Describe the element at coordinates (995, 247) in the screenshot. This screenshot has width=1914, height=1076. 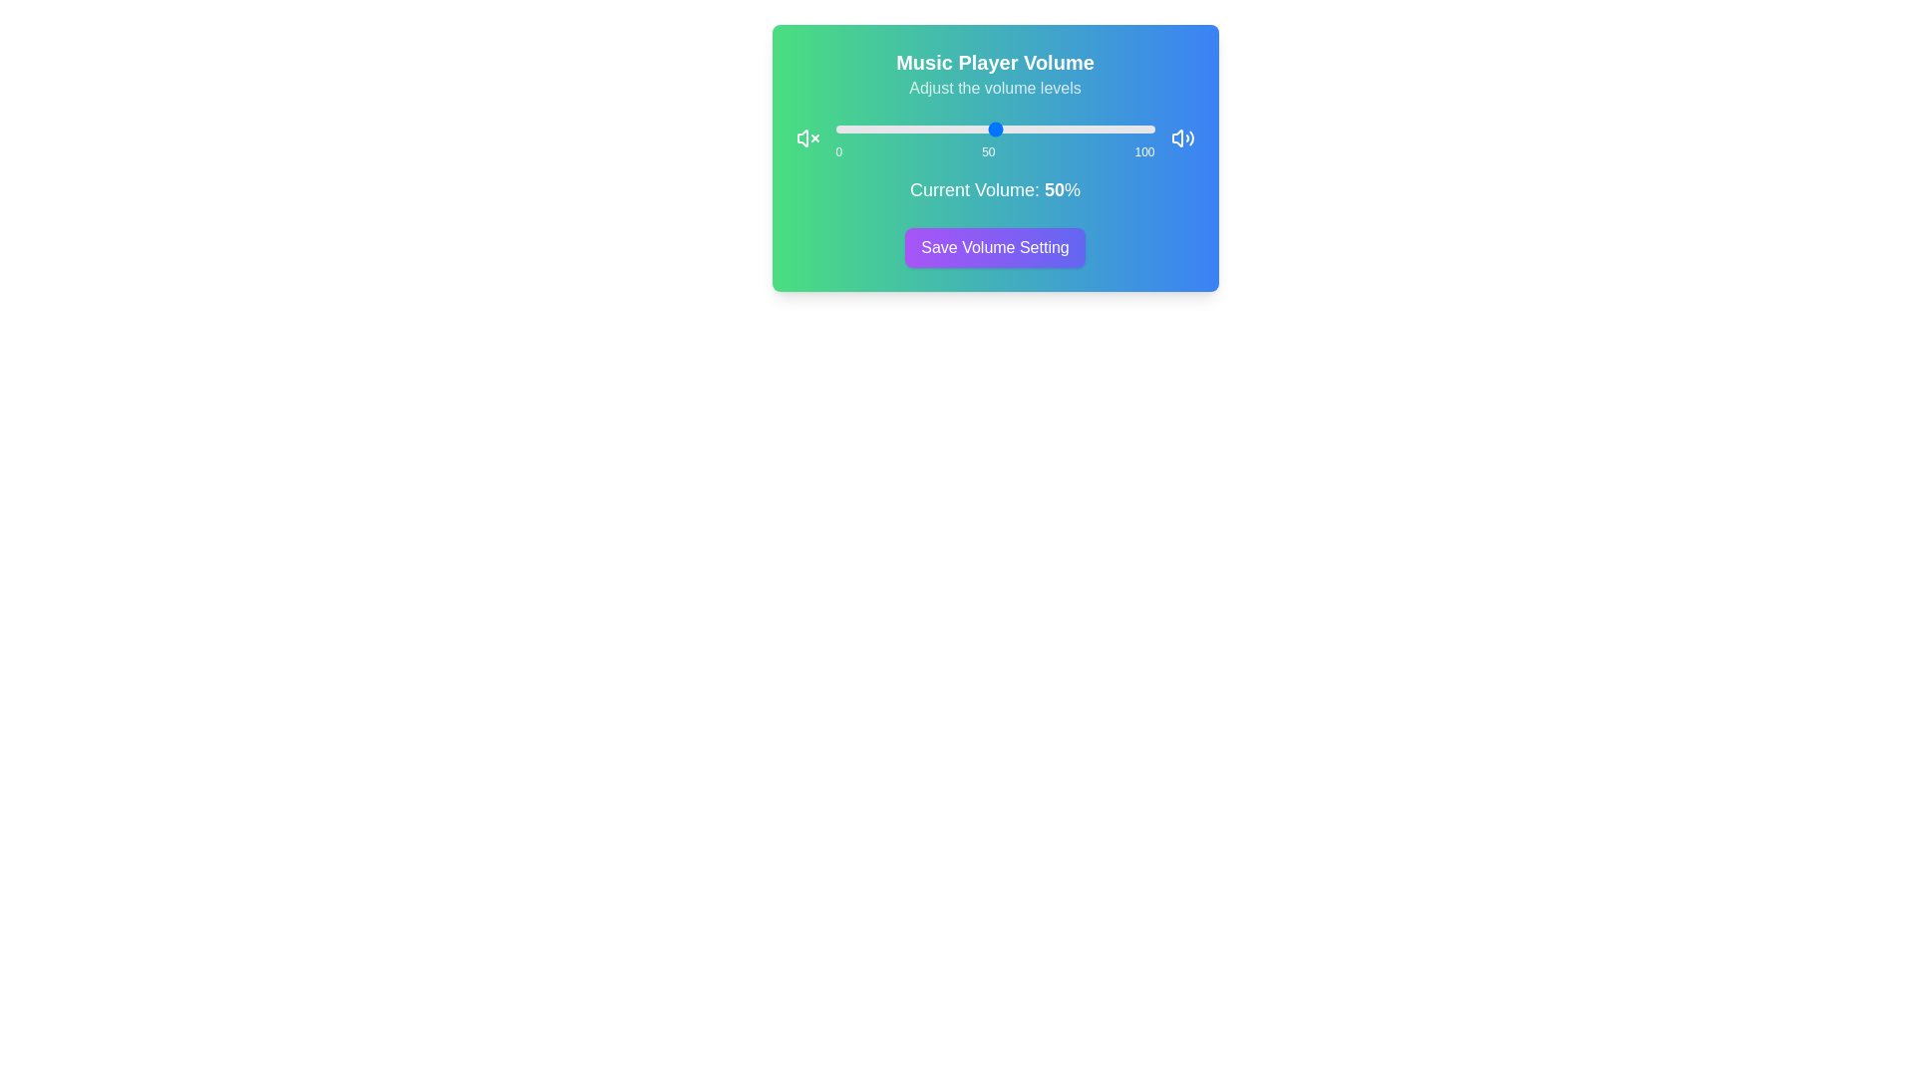
I see `the 'Save Volume Setting' button to confirm the volume setting` at that location.